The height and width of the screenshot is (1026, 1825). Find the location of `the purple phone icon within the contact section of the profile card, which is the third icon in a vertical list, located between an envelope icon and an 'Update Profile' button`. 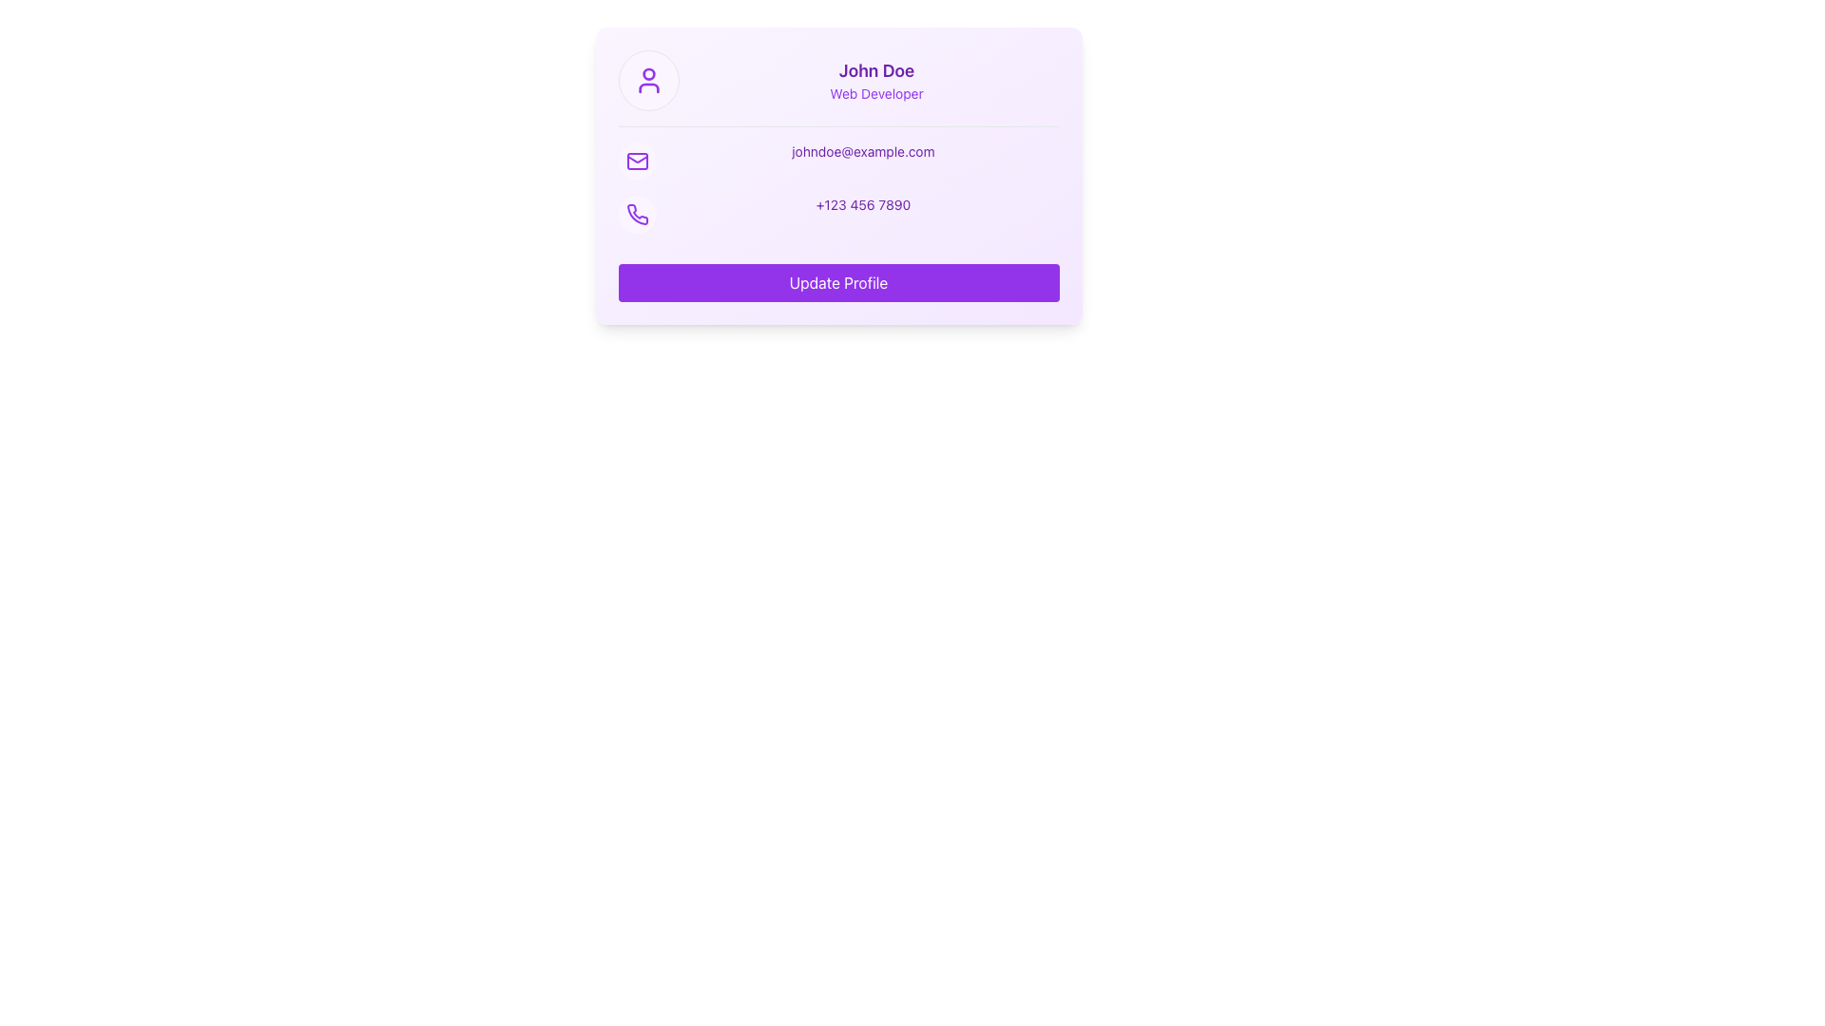

the purple phone icon within the contact section of the profile card, which is the third icon in a vertical list, located between an envelope icon and an 'Update Profile' button is located at coordinates (637, 214).